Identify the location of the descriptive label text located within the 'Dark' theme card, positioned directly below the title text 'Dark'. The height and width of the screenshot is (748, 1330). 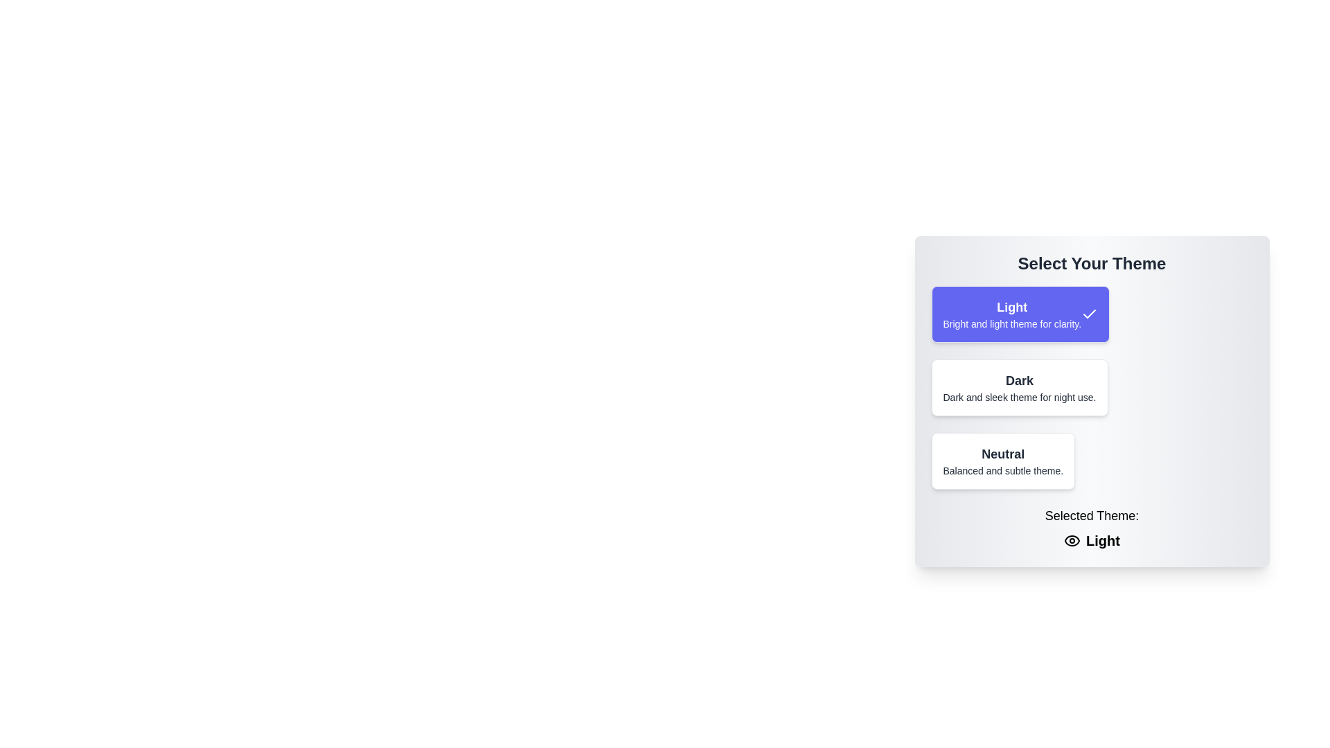
(1020, 398).